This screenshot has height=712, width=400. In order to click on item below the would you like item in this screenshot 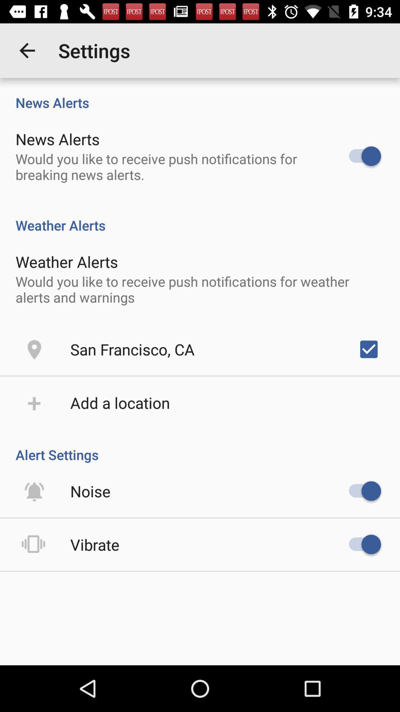, I will do `click(369, 349)`.